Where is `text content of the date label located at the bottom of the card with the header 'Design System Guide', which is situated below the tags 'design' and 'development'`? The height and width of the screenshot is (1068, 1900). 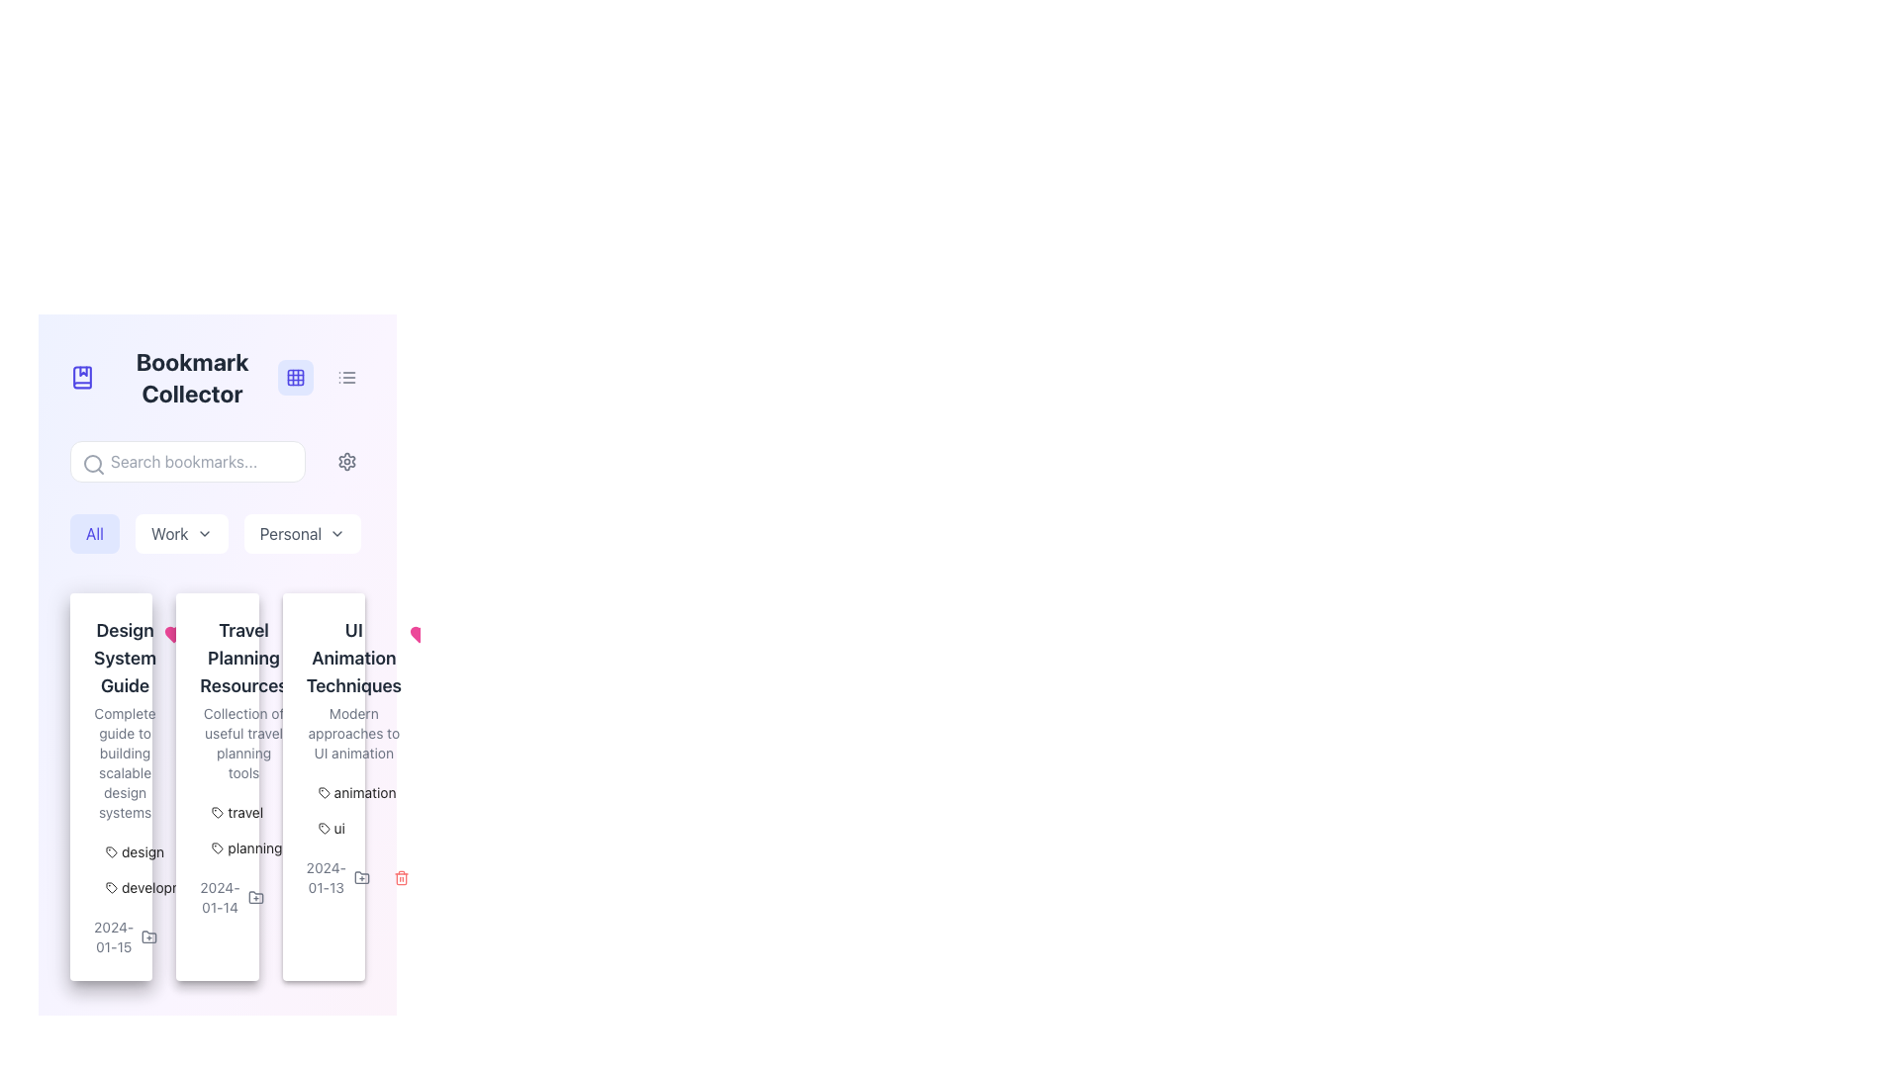
text content of the date label located at the bottom of the card with the header 'Design System Guide', which is situated below the tags 'design' and 'development' is located at coordinates (110, 936).